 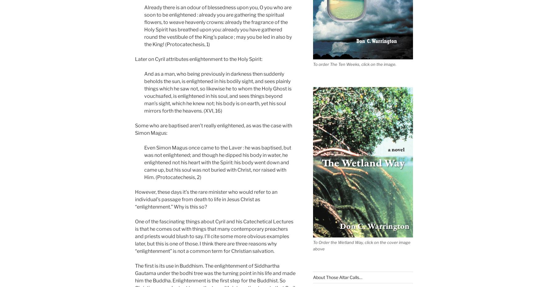 I want to click on 'One of the fascinating things about Cyril and his Catechetical Lectures is that he comes out with things that many contemporary preachers and priests would blush to say. I’ll cite some more obvious examples later, but this is one of those. I think there are three reasons why “enlightenment” is not a common term for Christian salvation.', so click(x=214, y=236).